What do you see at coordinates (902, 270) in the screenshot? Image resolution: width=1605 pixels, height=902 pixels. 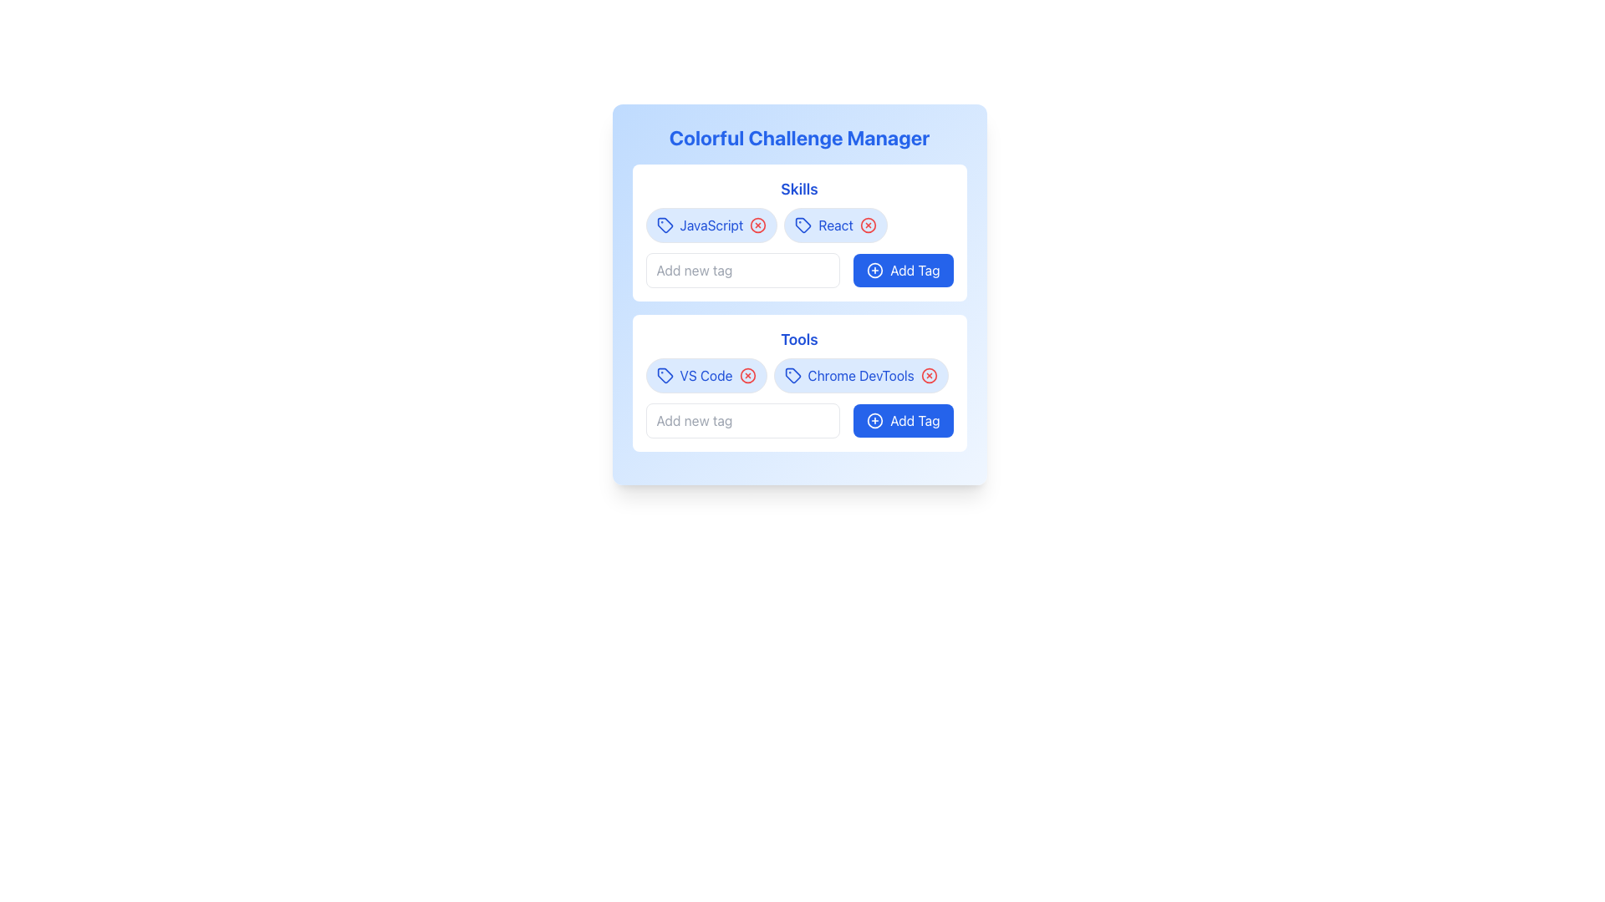 I see `the 'Add Tag' button with a blue background and white text, located in the 'Skills' card` at bounding box center [902, 270].